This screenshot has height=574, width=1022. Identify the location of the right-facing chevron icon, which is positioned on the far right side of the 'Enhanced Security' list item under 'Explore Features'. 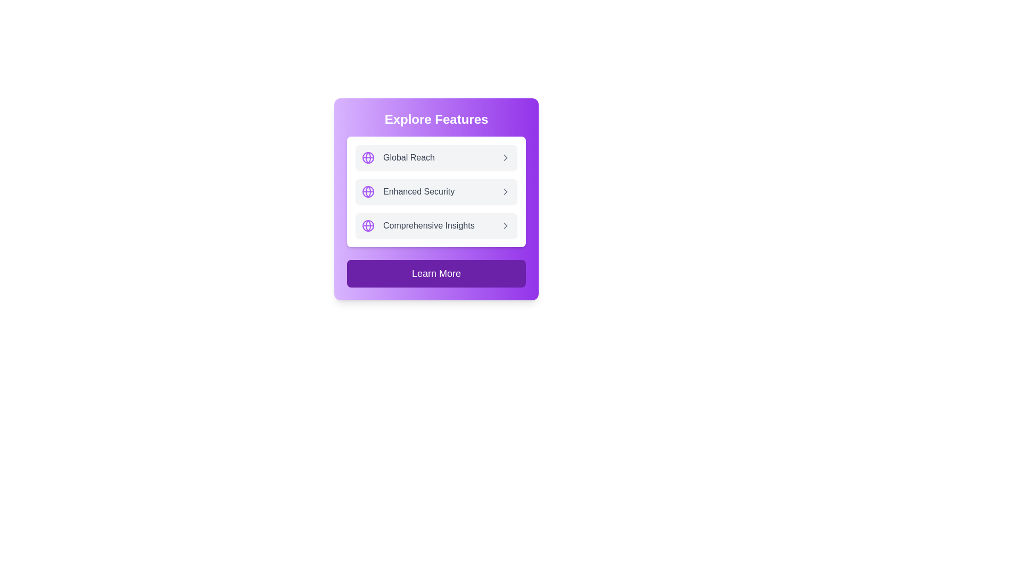
(505, 192).